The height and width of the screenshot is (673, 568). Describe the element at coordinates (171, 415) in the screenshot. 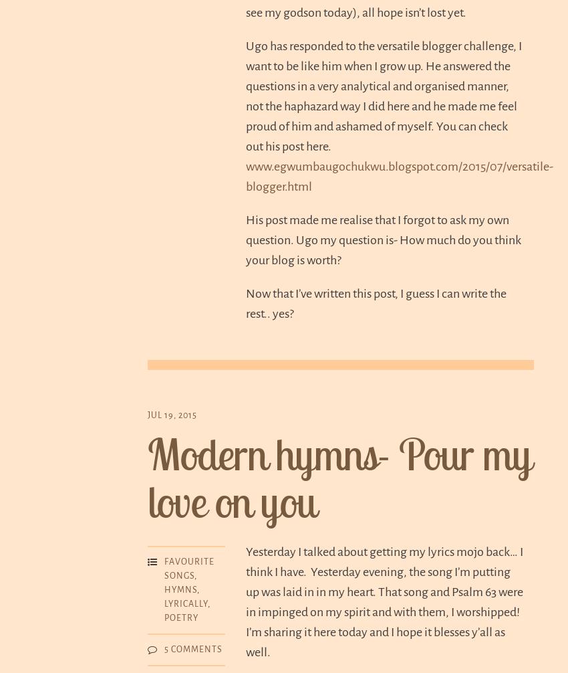

I see `'Jul 19, 2015'` at that location.